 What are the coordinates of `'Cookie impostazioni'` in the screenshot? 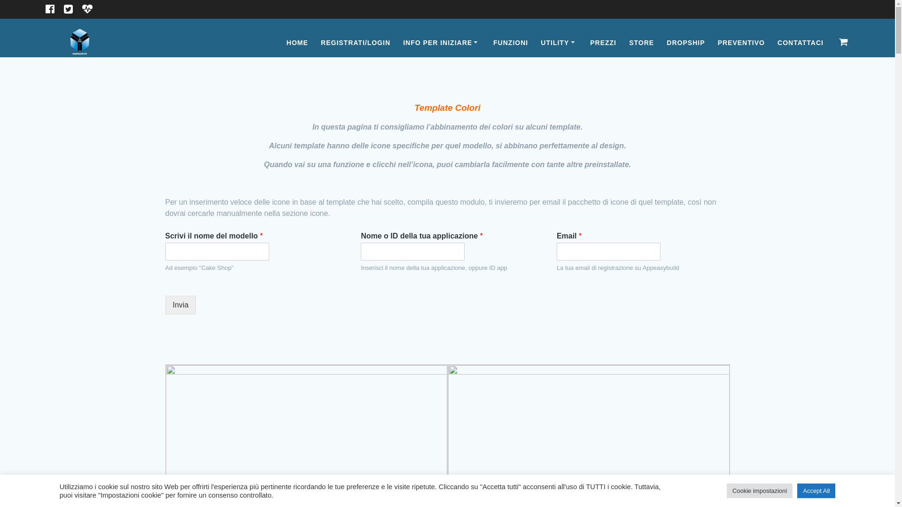 It's located at (760, 490).